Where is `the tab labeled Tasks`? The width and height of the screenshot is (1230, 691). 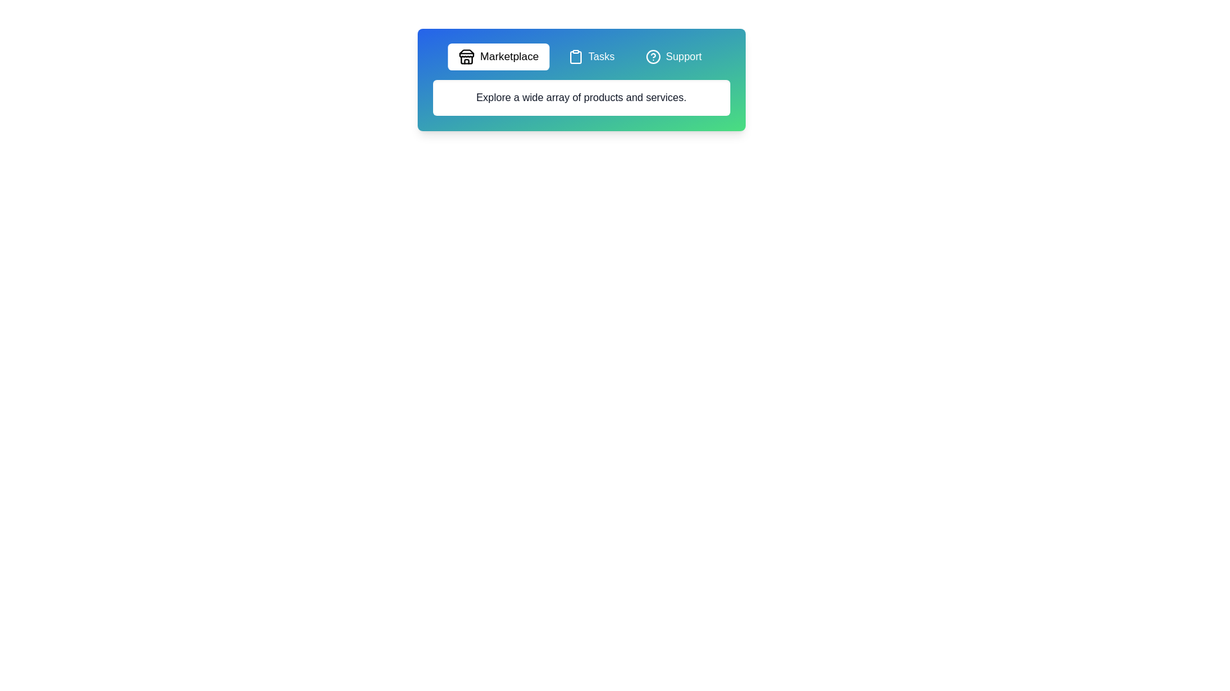 the tab labeled Tasks is located at coordinates (590, 56).